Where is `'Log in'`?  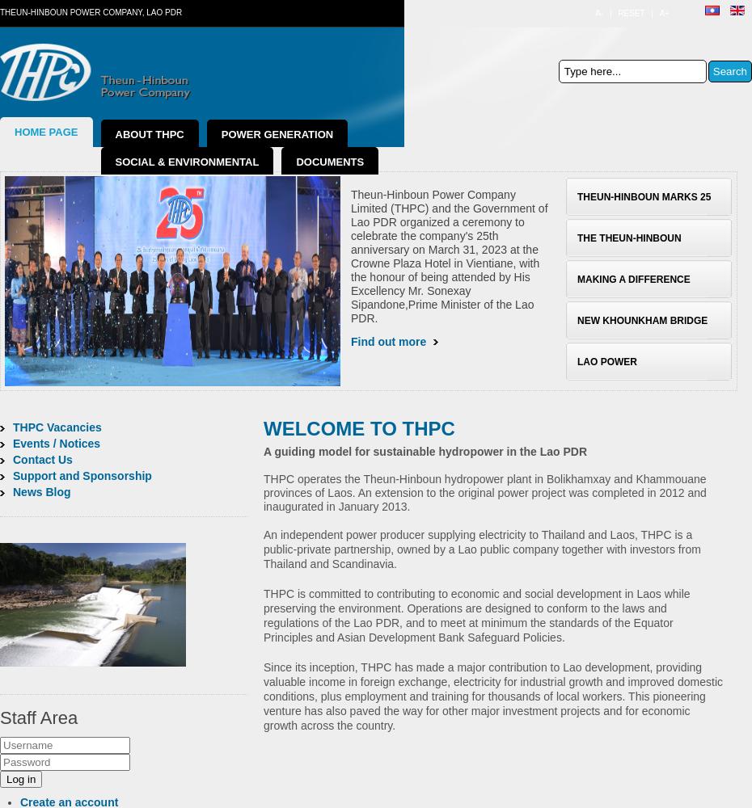 'Log in' is located at coordinates (20, 778).